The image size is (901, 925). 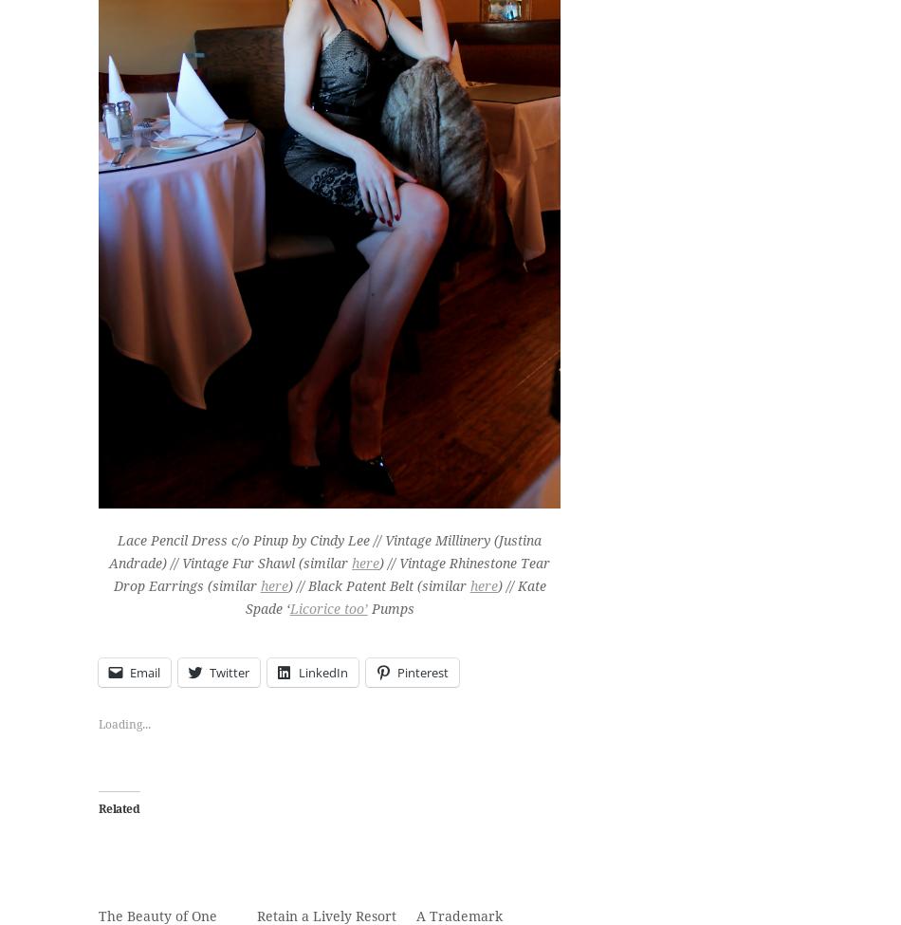 What do you see at coordinates (422, 671) in the screenshot?
I see `'Pinterest'` at bounding box center [422, 671].